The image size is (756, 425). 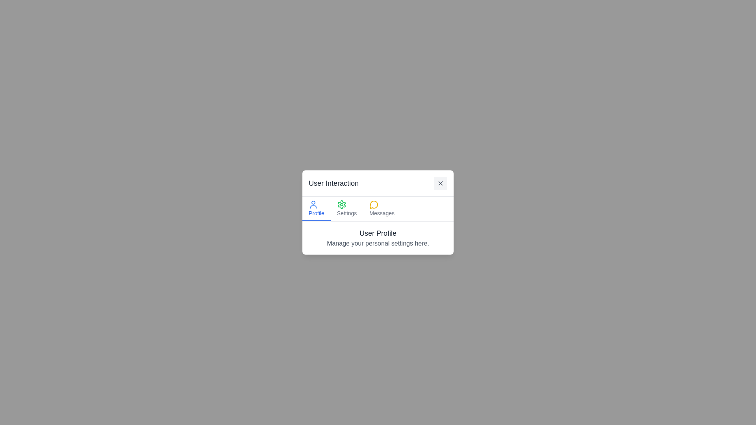 What do you see at coordinates (440, 183) in the screenshot?
I see `the Close Button, which is a small gray 'X' symbol located at the top-right corner of the white box, to change its background color` at bounding box center [440, 183].